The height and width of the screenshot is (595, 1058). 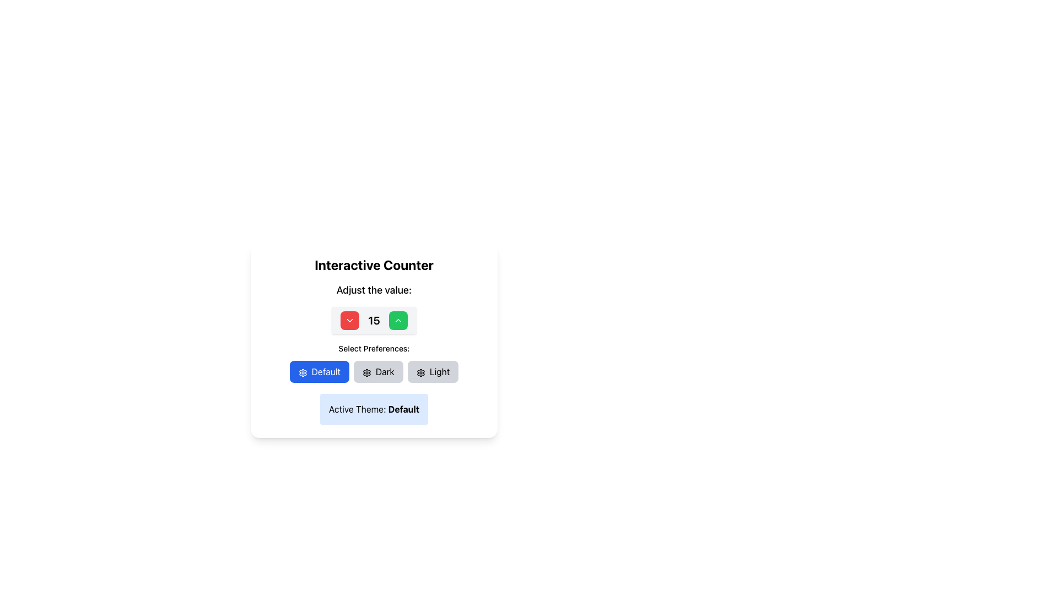 I want to click on the text label displaying the currently active theme, which reads 'Default', located under the blue-bordered section for theme selection, so click(x=403, y=409).